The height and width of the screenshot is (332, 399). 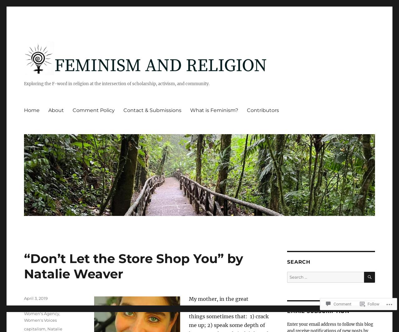 What do you see at coordinates (24, 266) in the screenshot?
I see `'“Don’t Let the Store Shop You” by Natalie Weaver'` at bounding box center [24, 266].